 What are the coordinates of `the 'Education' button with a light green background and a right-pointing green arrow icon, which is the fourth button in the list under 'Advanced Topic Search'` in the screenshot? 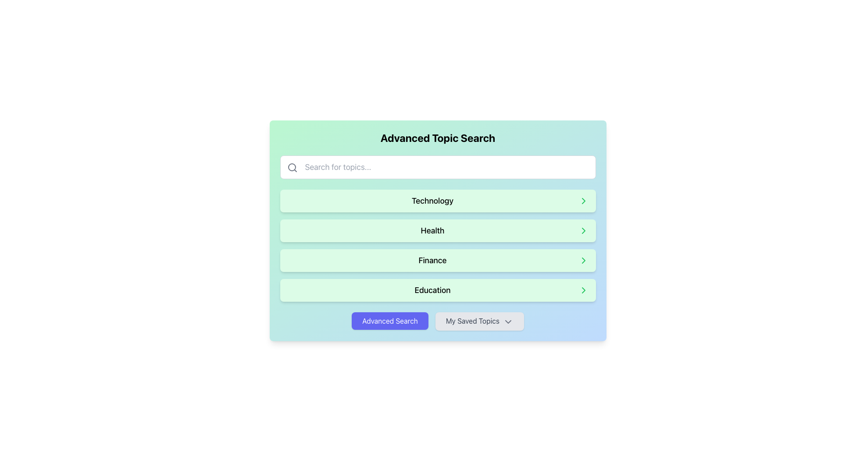 It's located at (438, 290).